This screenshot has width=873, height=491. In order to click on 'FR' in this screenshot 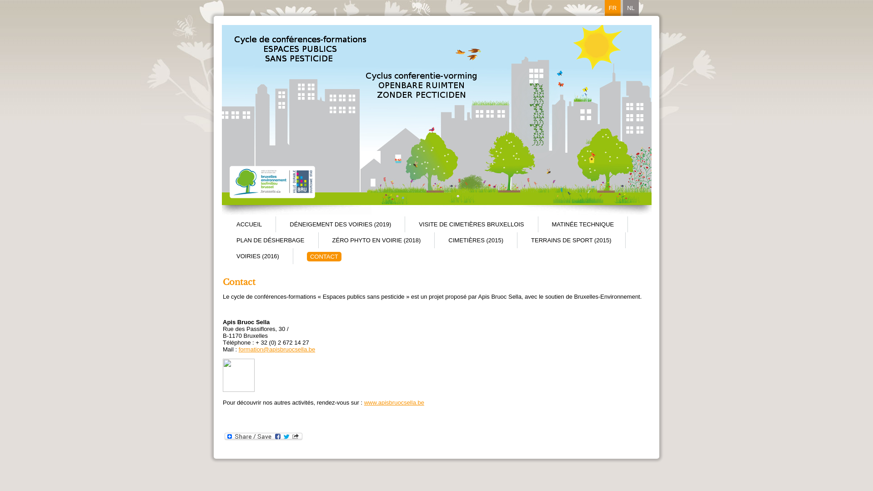, I will do `click(612, 8)`.